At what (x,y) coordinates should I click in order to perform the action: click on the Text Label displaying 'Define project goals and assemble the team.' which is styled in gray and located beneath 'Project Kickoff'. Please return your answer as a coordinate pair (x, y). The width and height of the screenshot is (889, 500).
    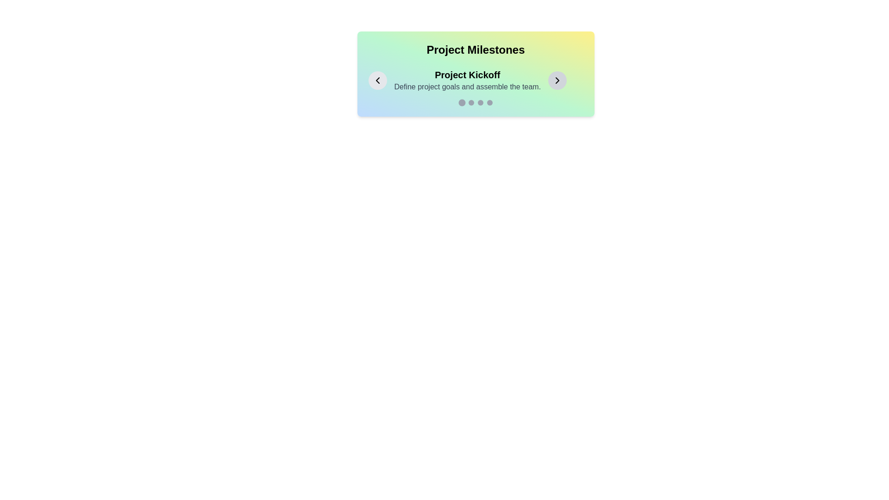
    Looking at the image, I should click on (467, 87).